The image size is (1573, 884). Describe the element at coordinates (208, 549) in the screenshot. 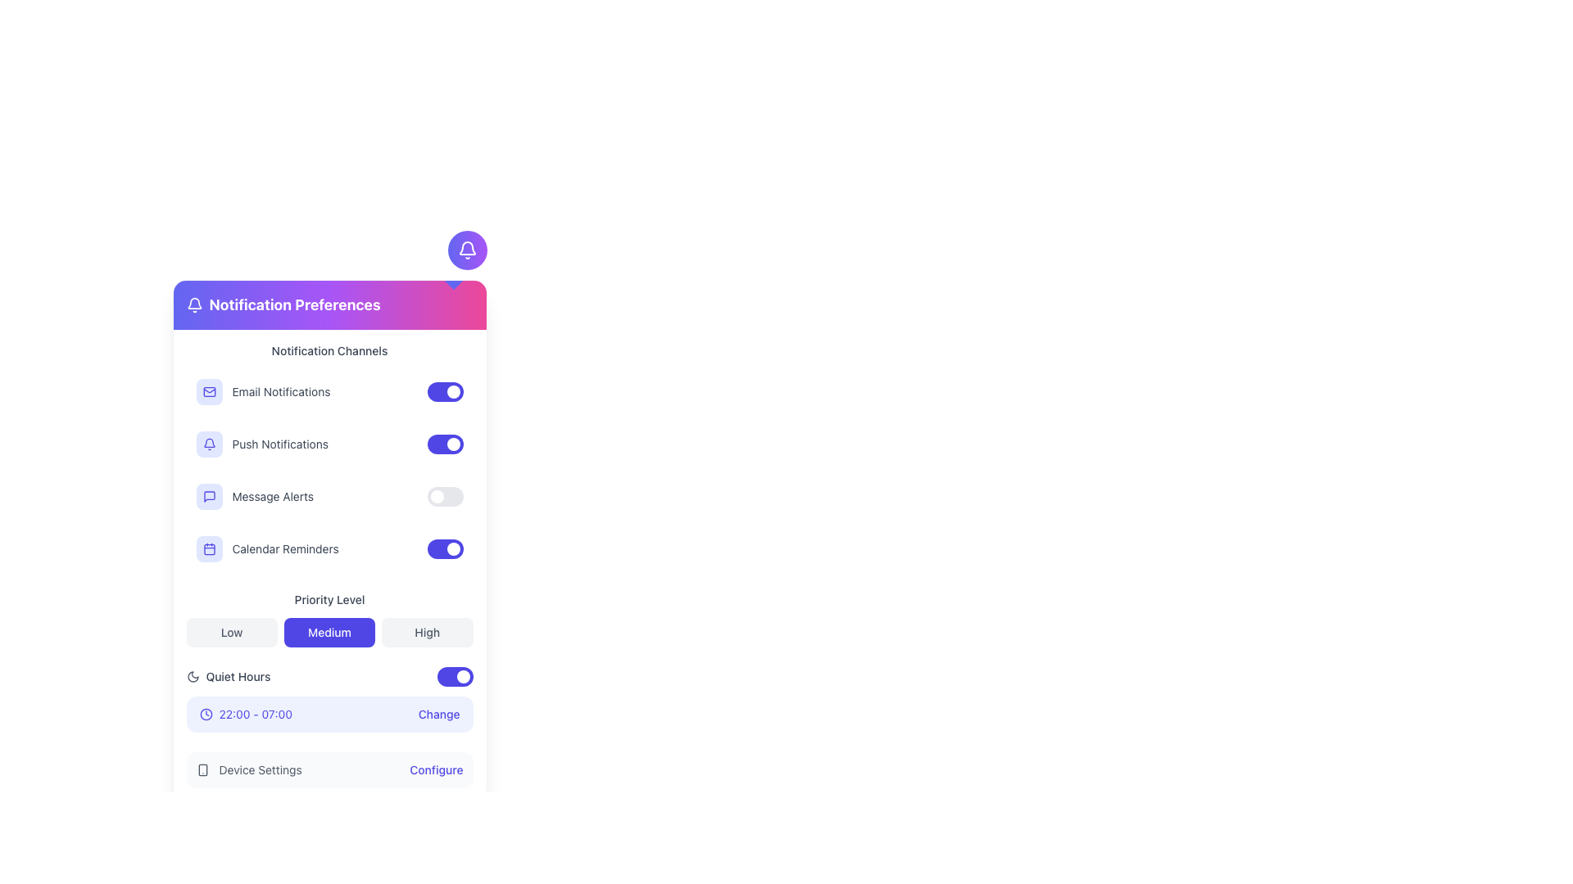

I see `the calendar reminders icon located in the second row of options within the 'Notification Channels' section of the 'Notification Preferences' panel to trigger a tooltip` at that location.